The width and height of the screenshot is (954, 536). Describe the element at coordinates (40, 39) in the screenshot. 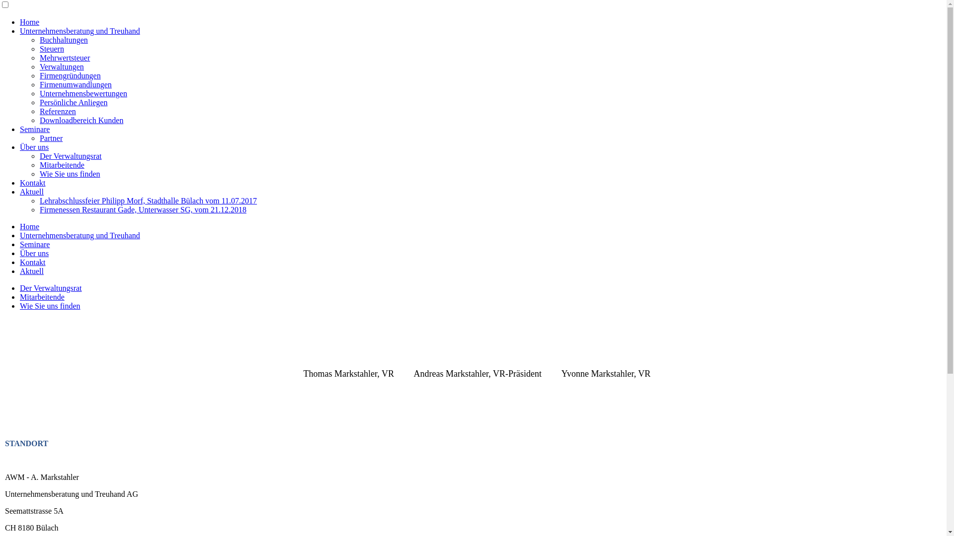

I see `'Buchhaltungen'` at that location.